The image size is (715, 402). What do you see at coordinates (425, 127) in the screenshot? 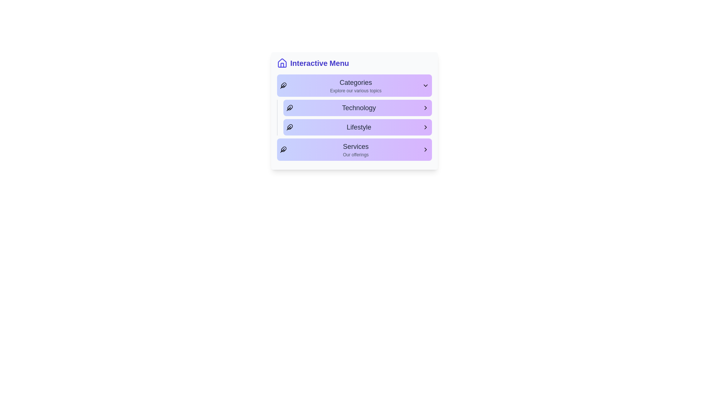
I see `the right-pointing chevron arrow icon adjacent to the 'Lifestyle' menu item` at bounding box center [425, 127].